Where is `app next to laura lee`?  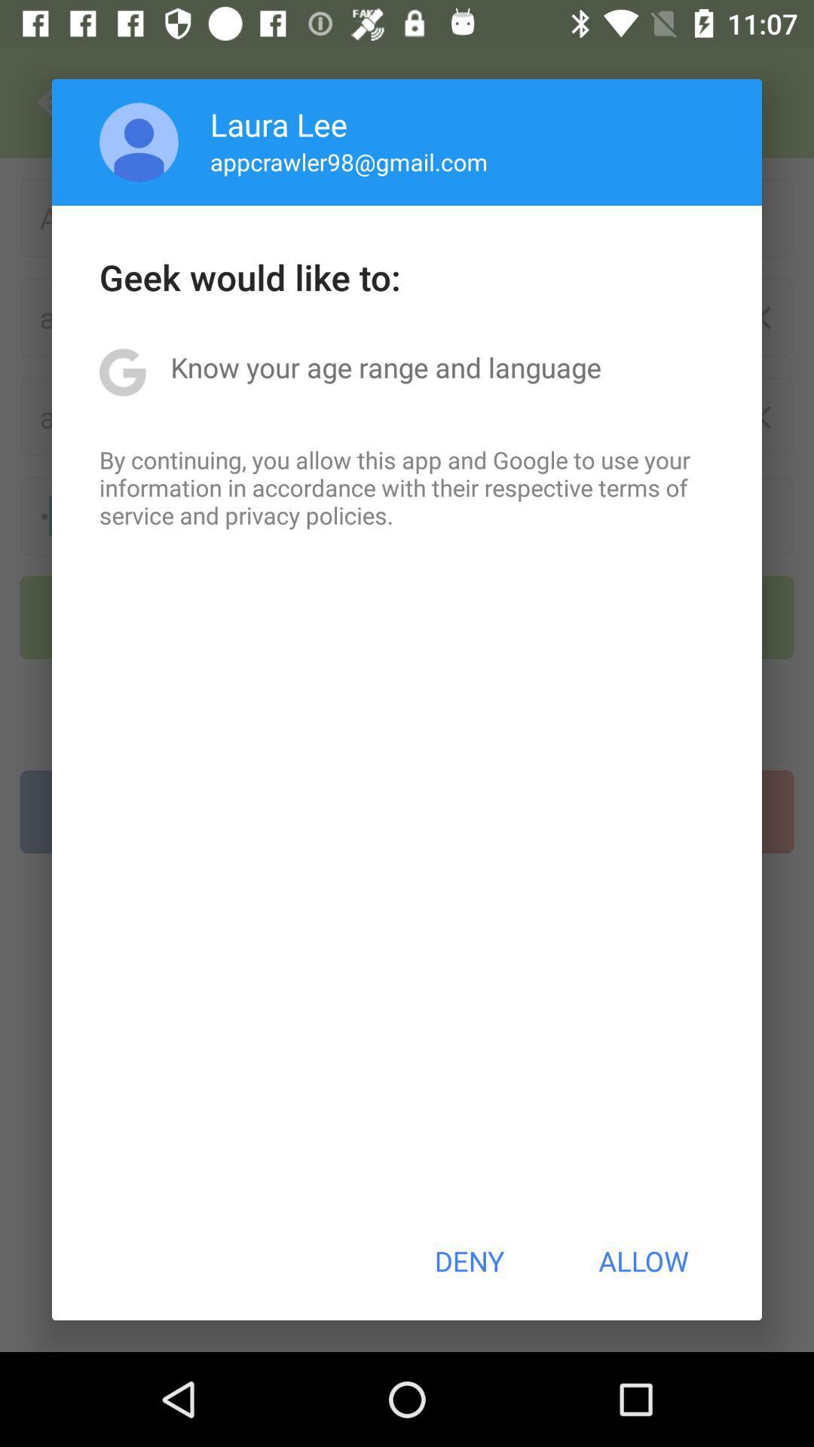 app next to laura lee is located at coordinates (139, 142).